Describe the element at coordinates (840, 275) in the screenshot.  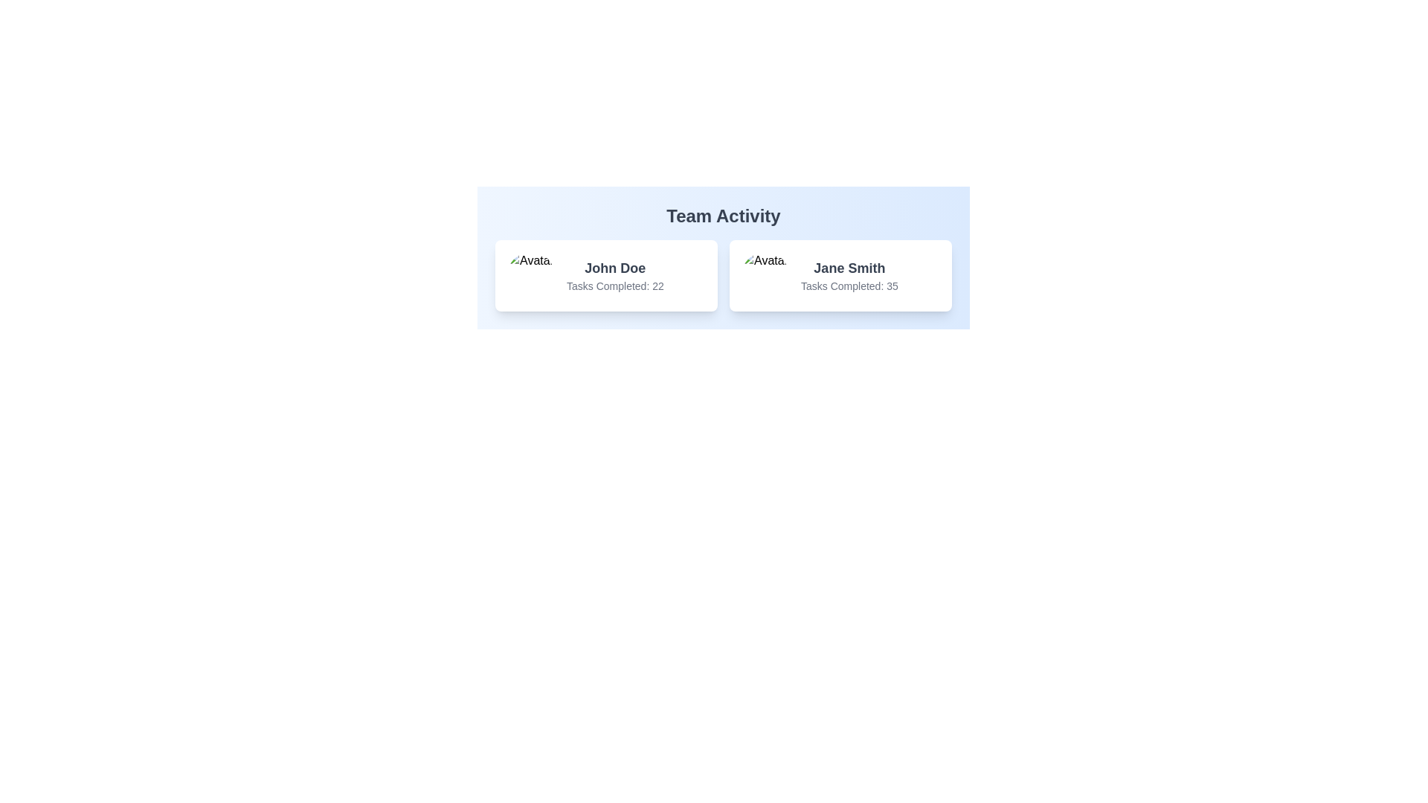
I see `the Information card displaying 'Jane Smith' with 'Tasks Completed: 35' underneath, located in the right column of the two-columned grid layout` at that location.